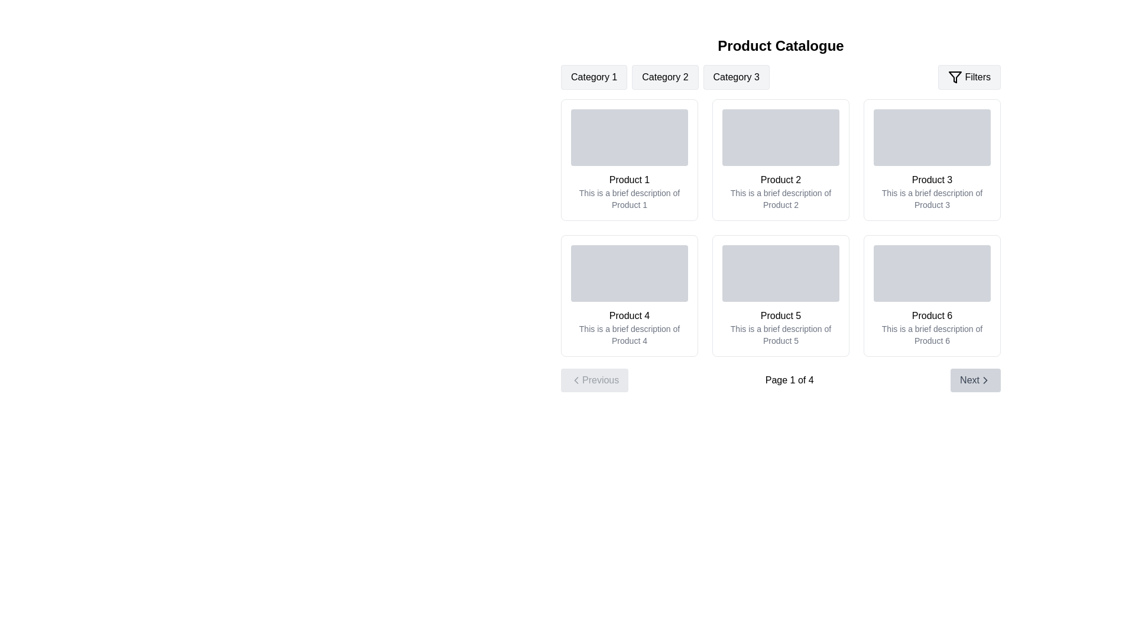 This screenshot has height=638, width=1135. I want to click on the descriptive text element located at the bottom of the product card for 'Product 6', which provides summary information about the product, so click(932, 335).